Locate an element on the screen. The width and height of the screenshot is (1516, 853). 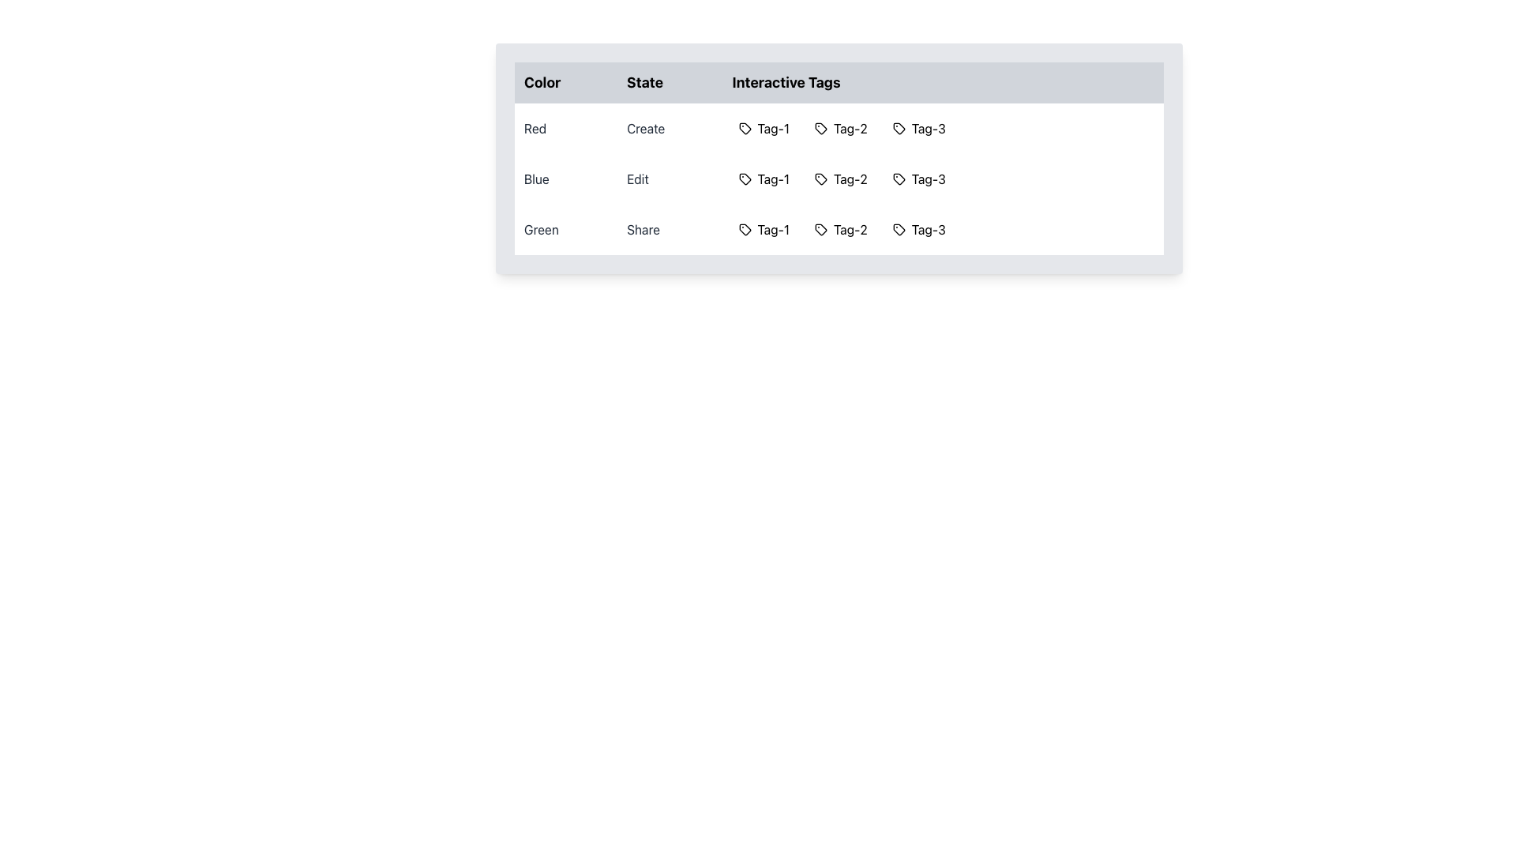
the 'Tag-1' text label located within a button in the first row of the 'Interactive Tags' column of the table to interact with the tag or trigger associated actions is located at coordinates (773, 127).